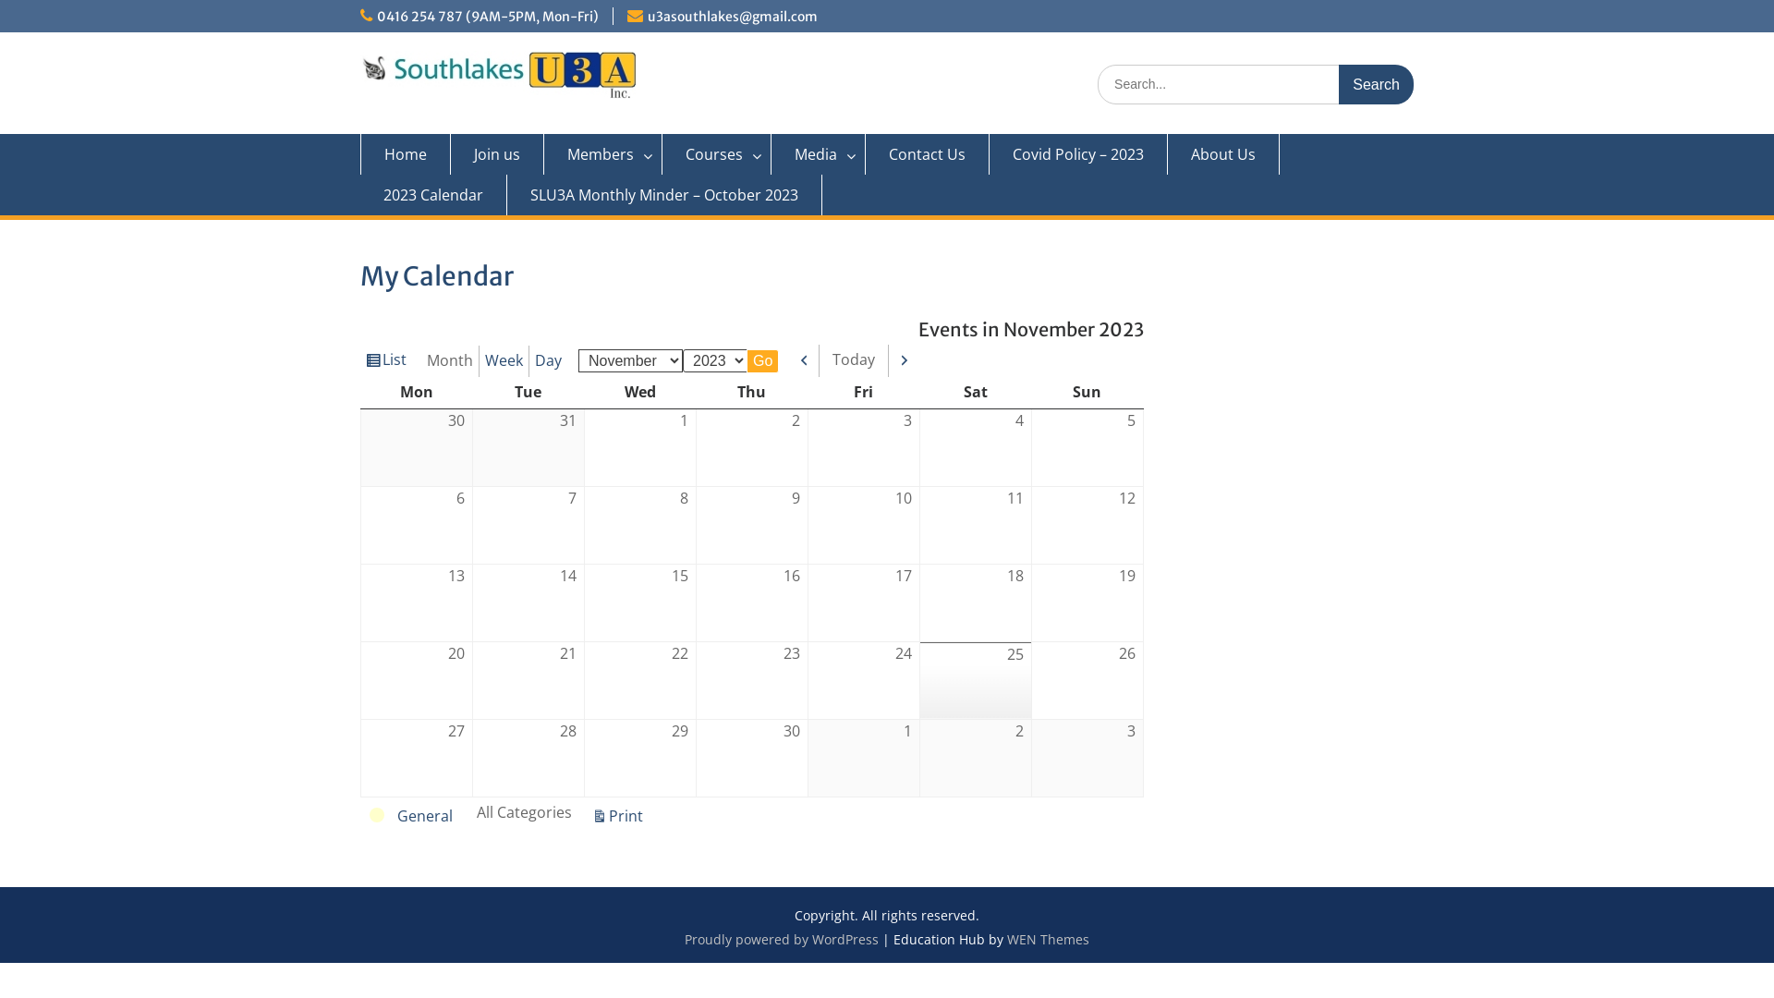 The image size is (1774, 998). What do you see at coordinates (585, 816) in the screenshot?
I see `'Print` at bounding box center [585, 816].